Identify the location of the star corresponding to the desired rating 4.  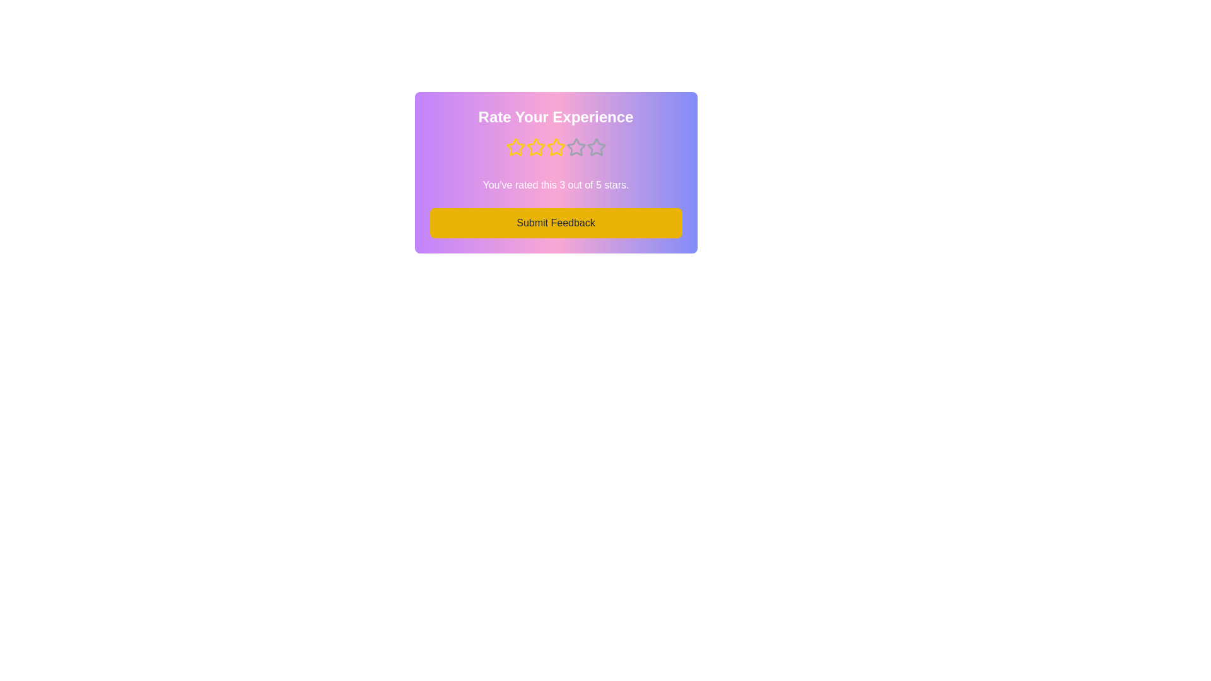
(575, 147).